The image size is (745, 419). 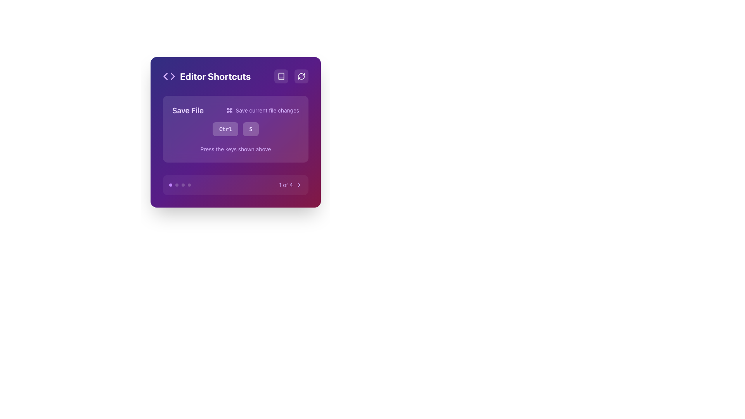 I want to click on the static text label that reads 'Press the keys shown above', which is styled in a smaller purple font and located in a purple-themed interface, so click(x=235, y=149).